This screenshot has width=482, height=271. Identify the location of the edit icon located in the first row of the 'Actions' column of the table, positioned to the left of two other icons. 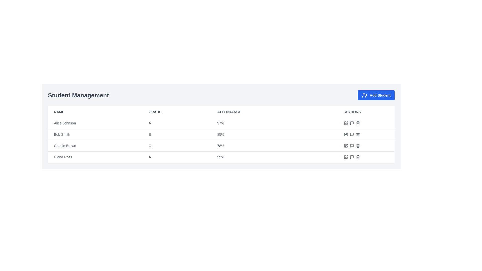
(345, 123).